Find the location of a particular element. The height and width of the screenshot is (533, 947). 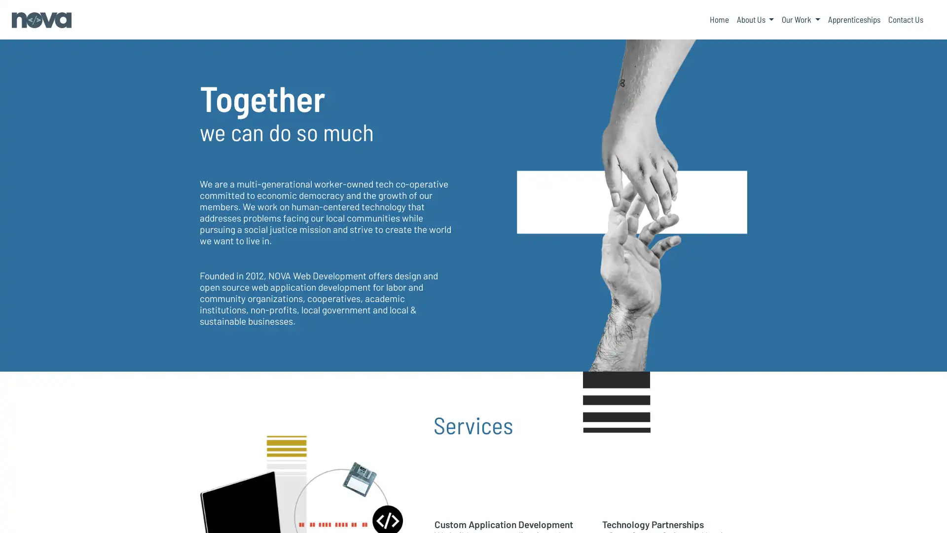

Our Work is located at coordinates (801, 19).